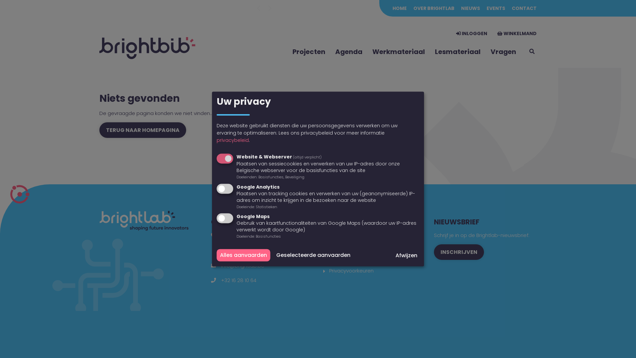 The height and width of the screenshot is (358, 636). What do you see at coordinates (486, 8) in the screenshot?
I see `'EVENTS'` at bounding box center [486, 8].